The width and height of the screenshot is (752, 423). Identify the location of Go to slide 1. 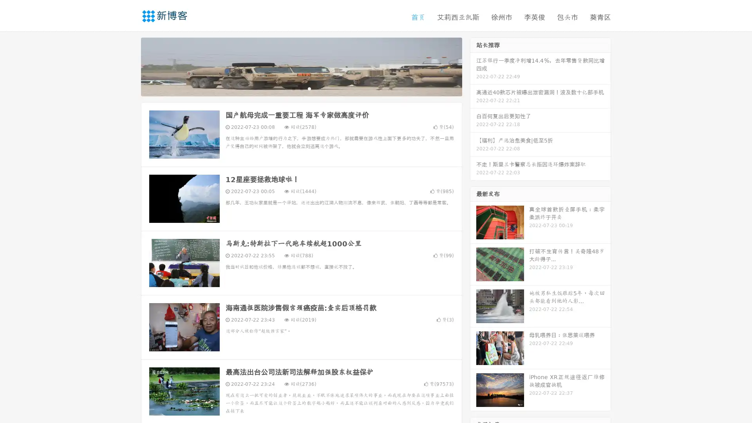
(293, 88).